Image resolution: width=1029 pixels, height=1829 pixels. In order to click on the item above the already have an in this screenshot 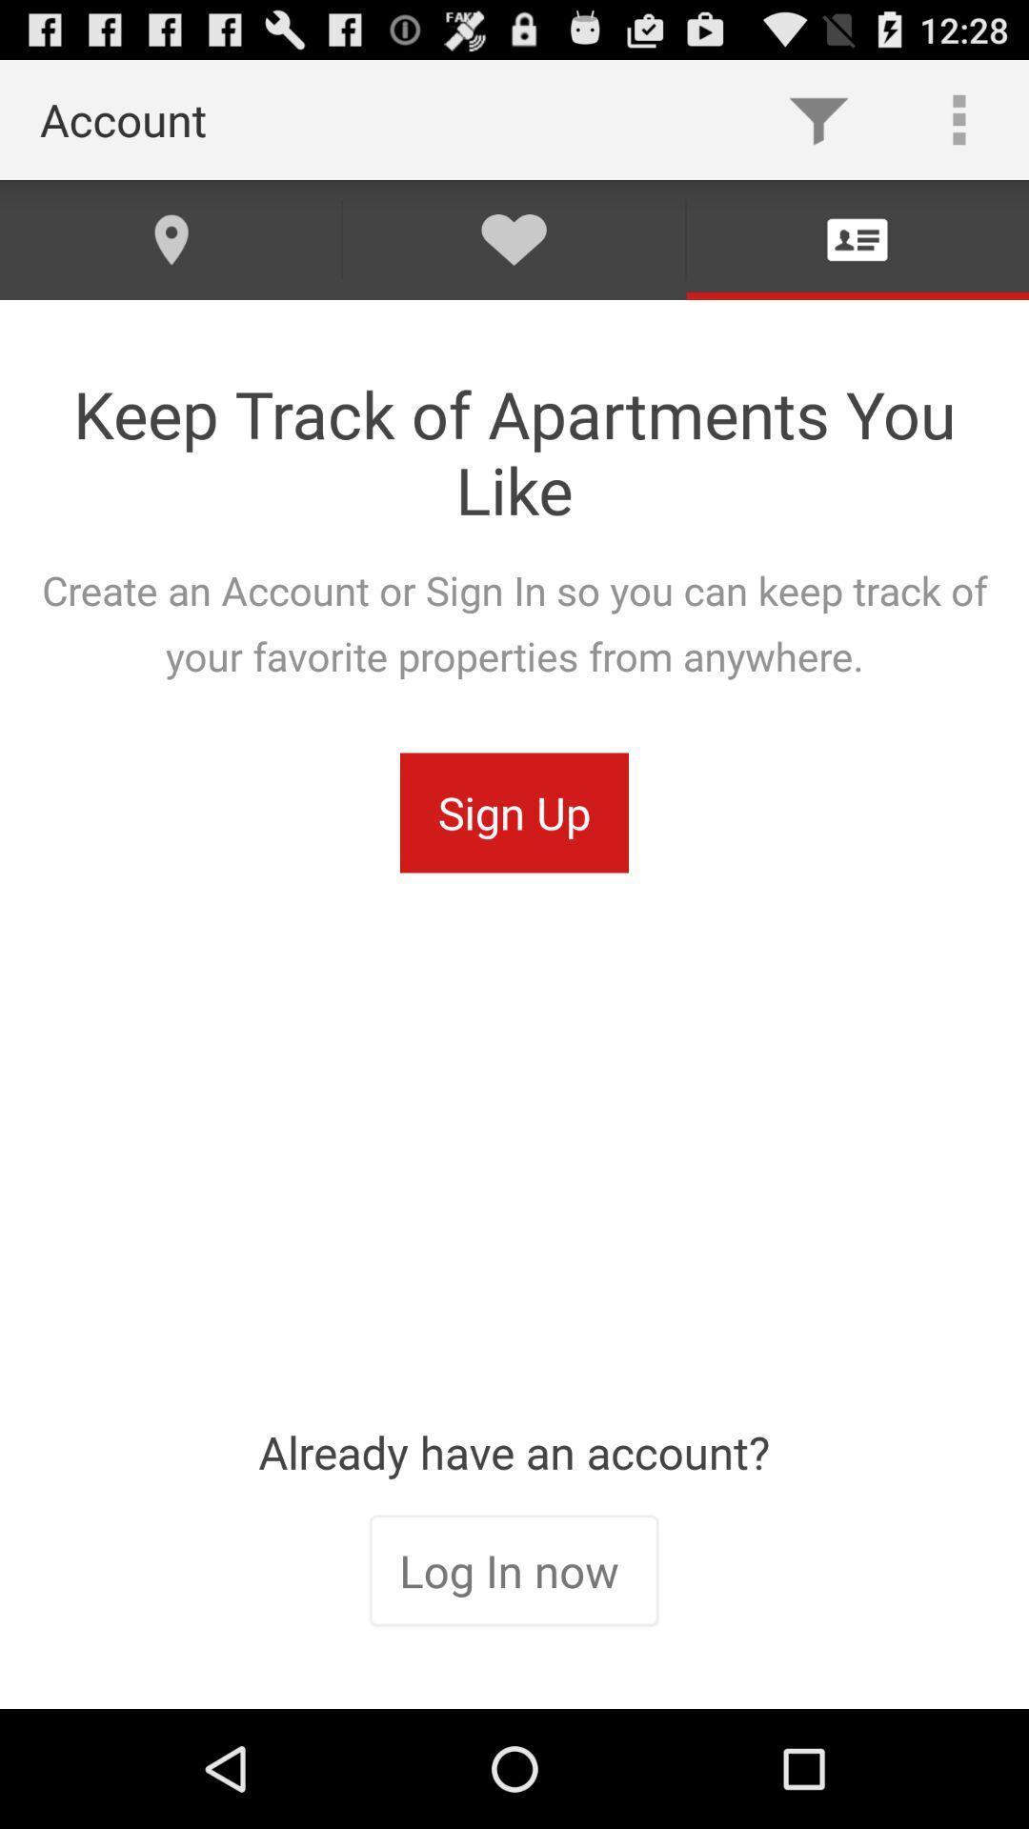, I will do `click(514, 813)`.